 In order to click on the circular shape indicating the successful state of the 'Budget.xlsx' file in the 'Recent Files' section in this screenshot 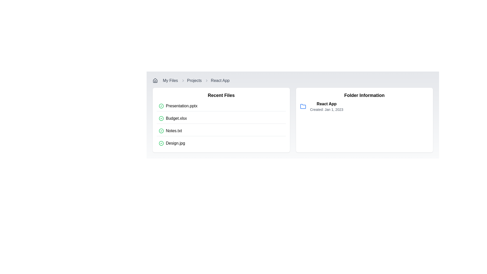, I will do `click(161, 118)`.